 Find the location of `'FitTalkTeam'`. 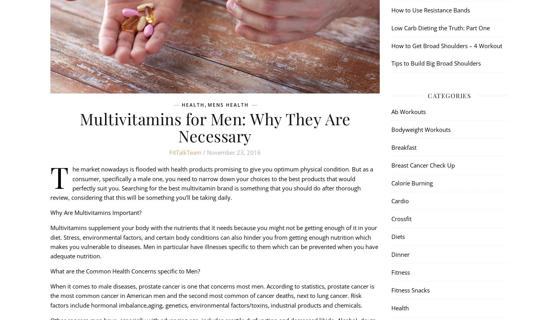

'FitTalkTeam' is located at coordinates (185, 152).